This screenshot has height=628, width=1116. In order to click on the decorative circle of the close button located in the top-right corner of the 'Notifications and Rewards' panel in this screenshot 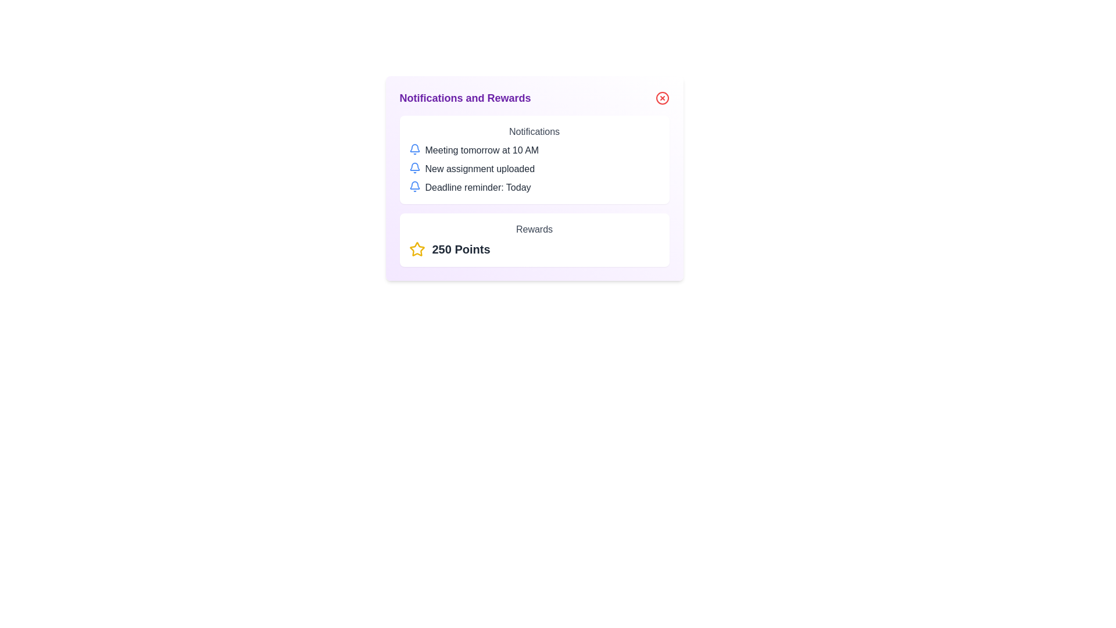, I will do `click(662, 98)`.